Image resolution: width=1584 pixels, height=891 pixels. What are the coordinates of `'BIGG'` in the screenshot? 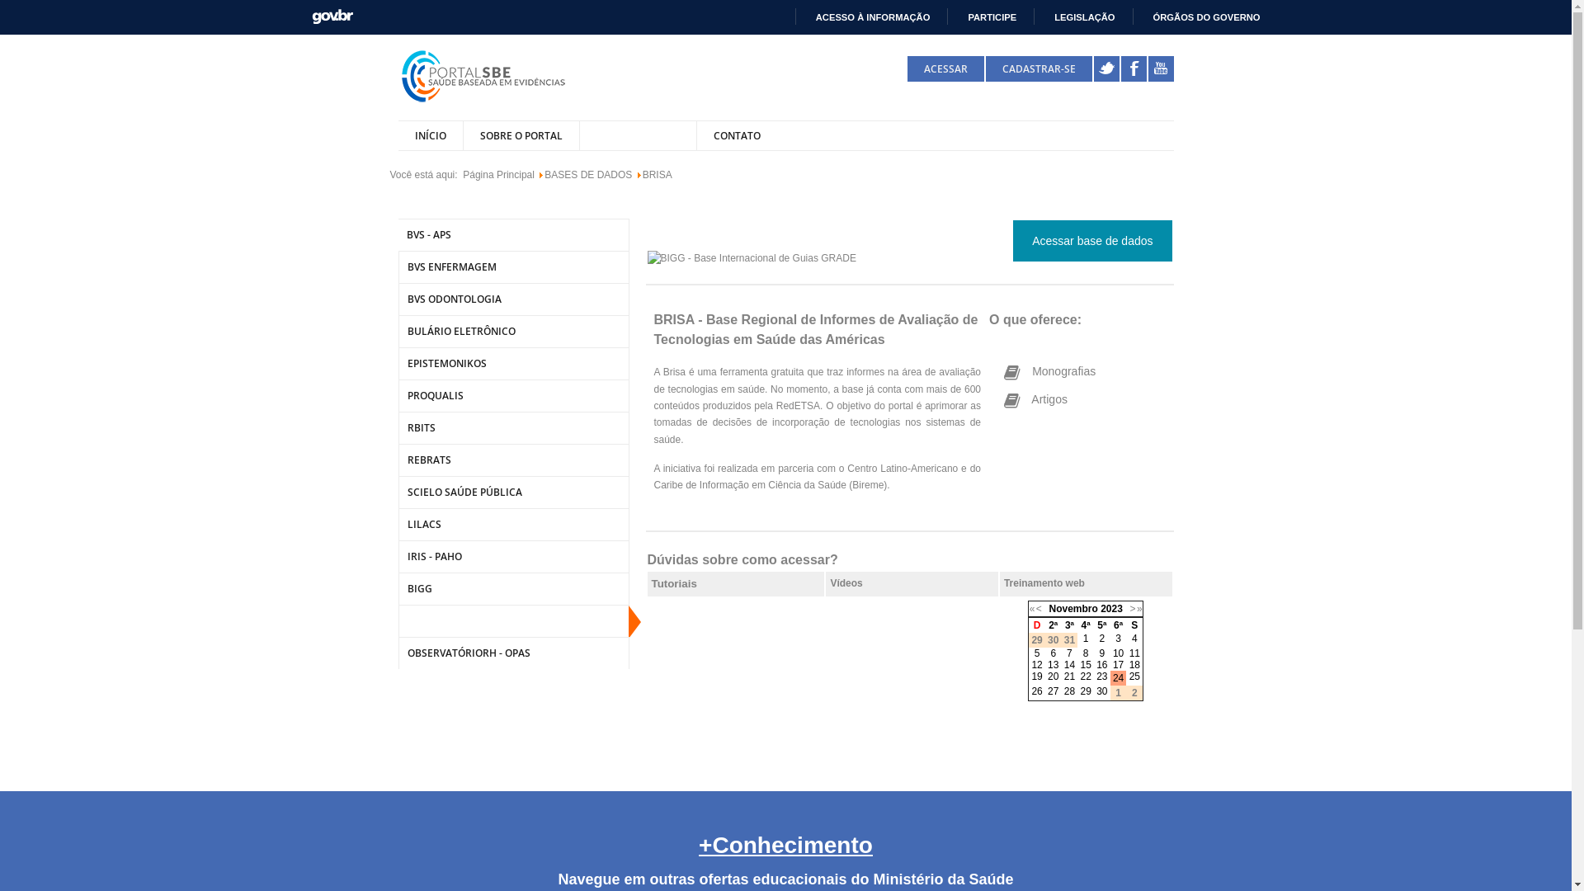 It's located at (512, 587).